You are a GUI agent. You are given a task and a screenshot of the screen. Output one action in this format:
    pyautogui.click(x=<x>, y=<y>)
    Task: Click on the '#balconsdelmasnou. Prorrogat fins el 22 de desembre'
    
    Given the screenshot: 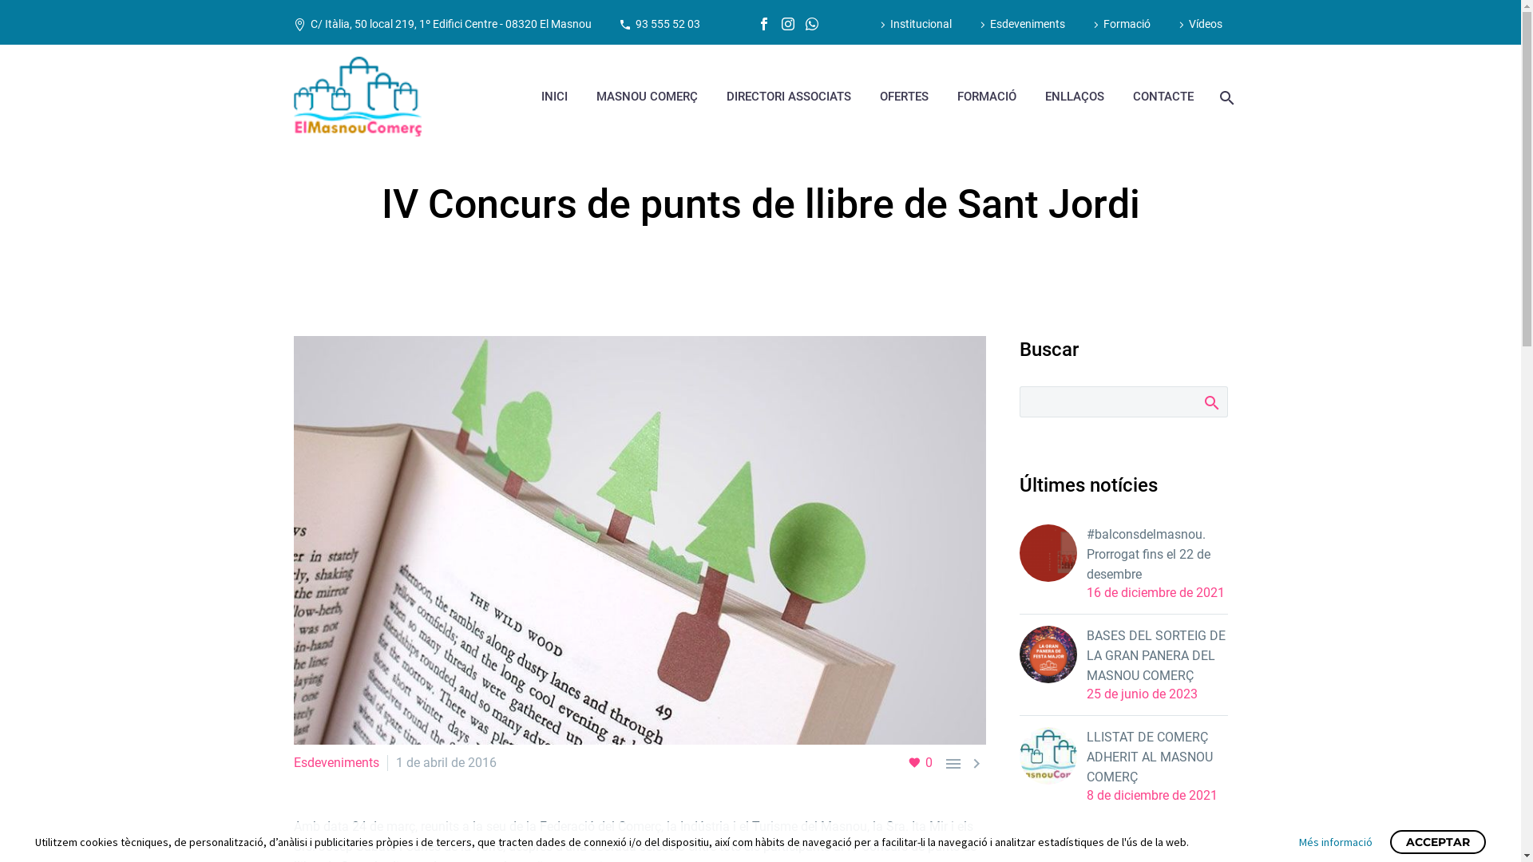 What is the action you would take?
    pyautogui.click(x=1085, y=553)
    